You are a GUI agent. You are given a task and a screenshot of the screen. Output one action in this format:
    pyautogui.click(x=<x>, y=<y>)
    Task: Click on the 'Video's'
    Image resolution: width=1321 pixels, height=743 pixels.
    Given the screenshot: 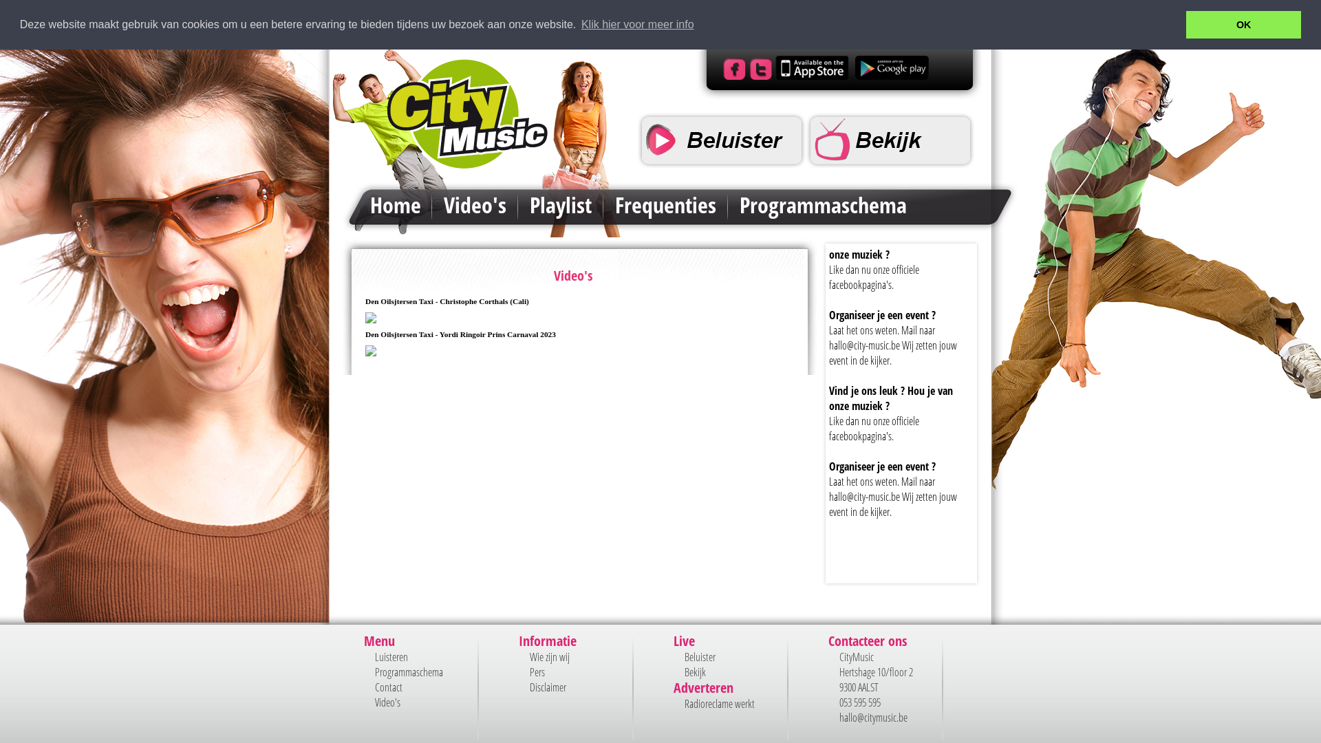 What is the action you would take?
    pyautogui.click(x=475, y=204)
    